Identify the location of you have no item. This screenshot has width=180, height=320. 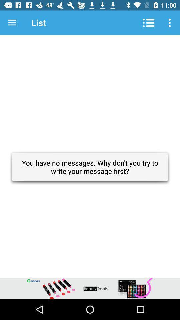
(90, 167).